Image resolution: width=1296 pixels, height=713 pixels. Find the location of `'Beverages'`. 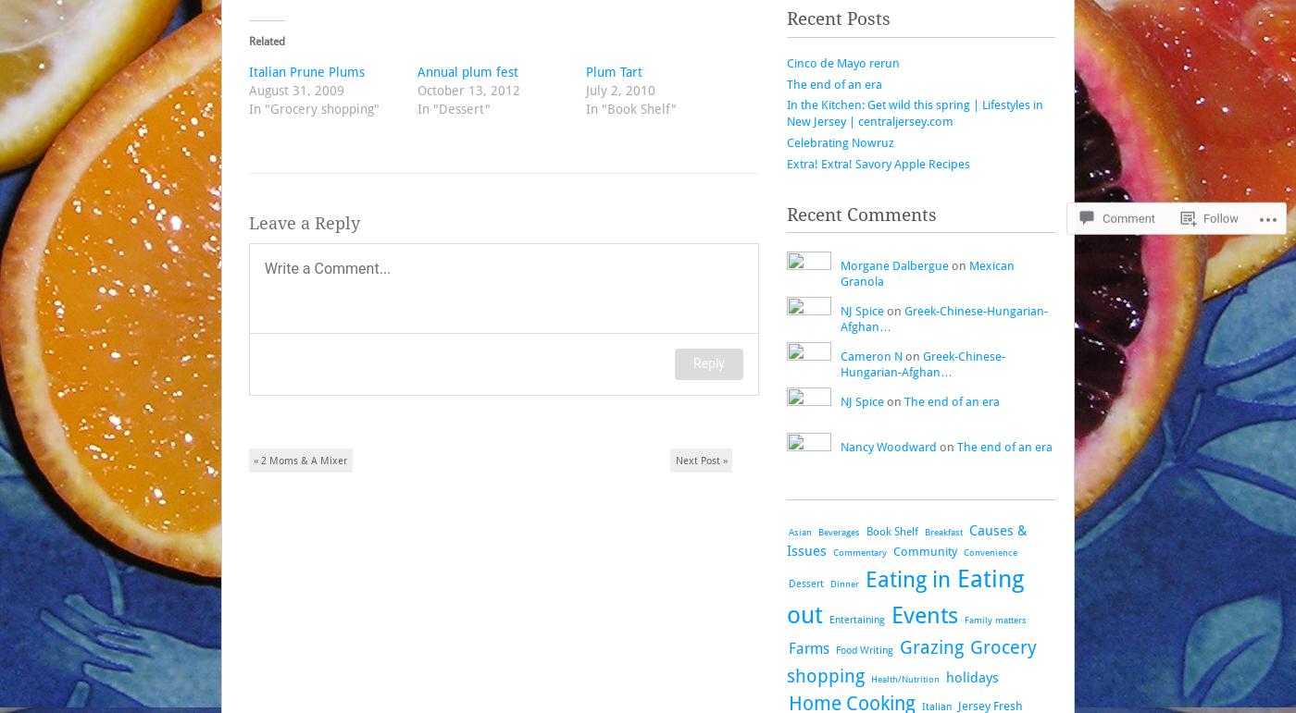

'Beverages' is located at coordinates (839, 530).